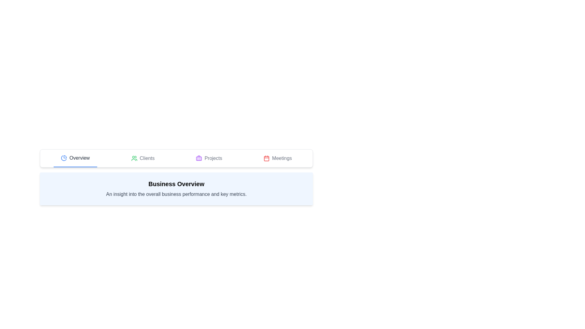 Image resolution: width=585 pixels, height=329 pixels. I want to click on the 'Clients' text in the menu bar, so click(147, 158).